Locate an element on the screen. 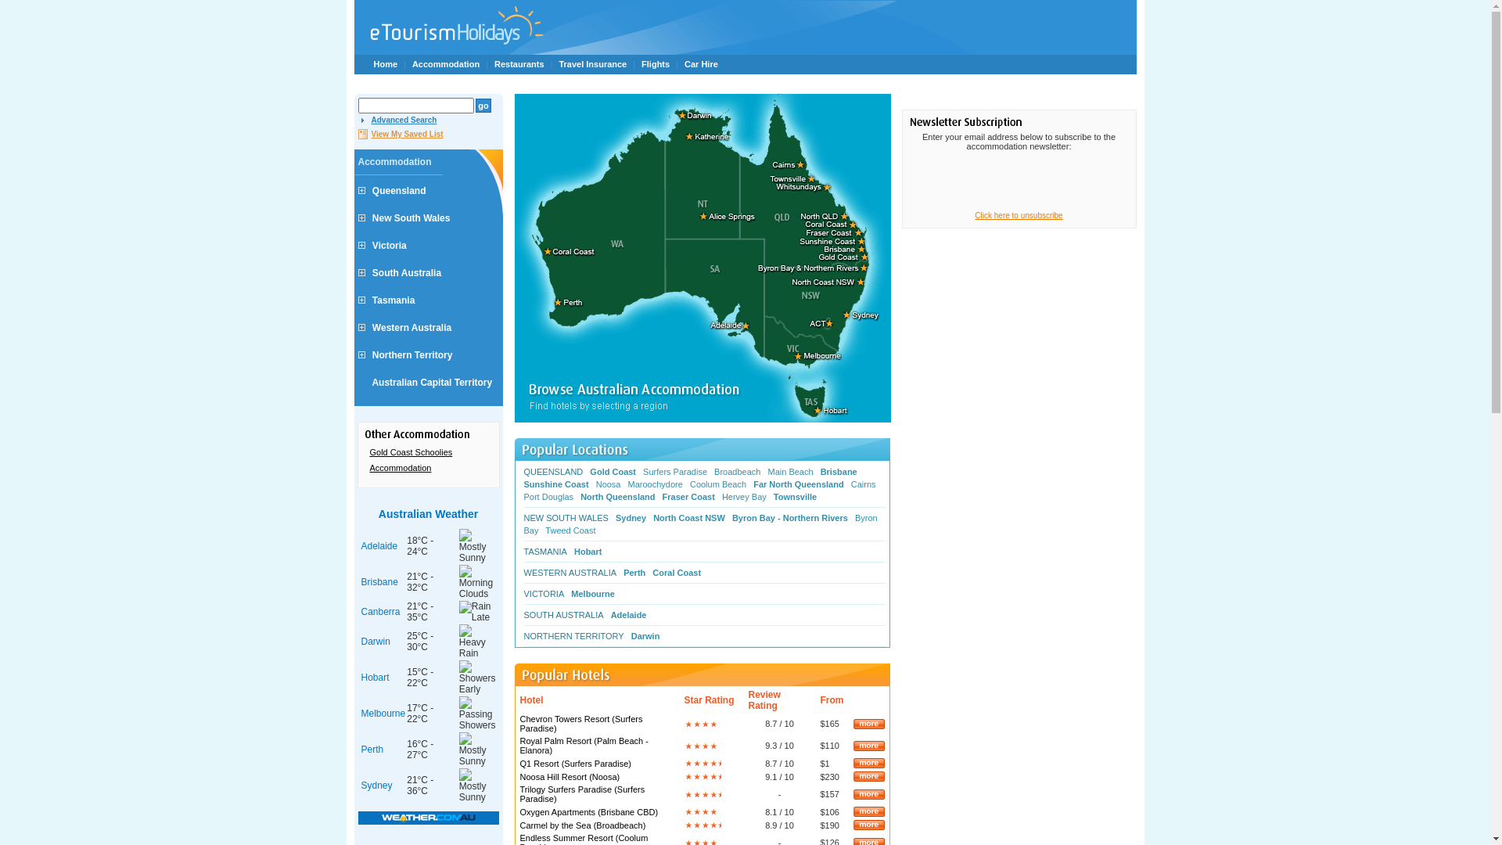 This screenshot has height=845, width=1502. 'Gold Coast' is located at coordinates (614, 470).